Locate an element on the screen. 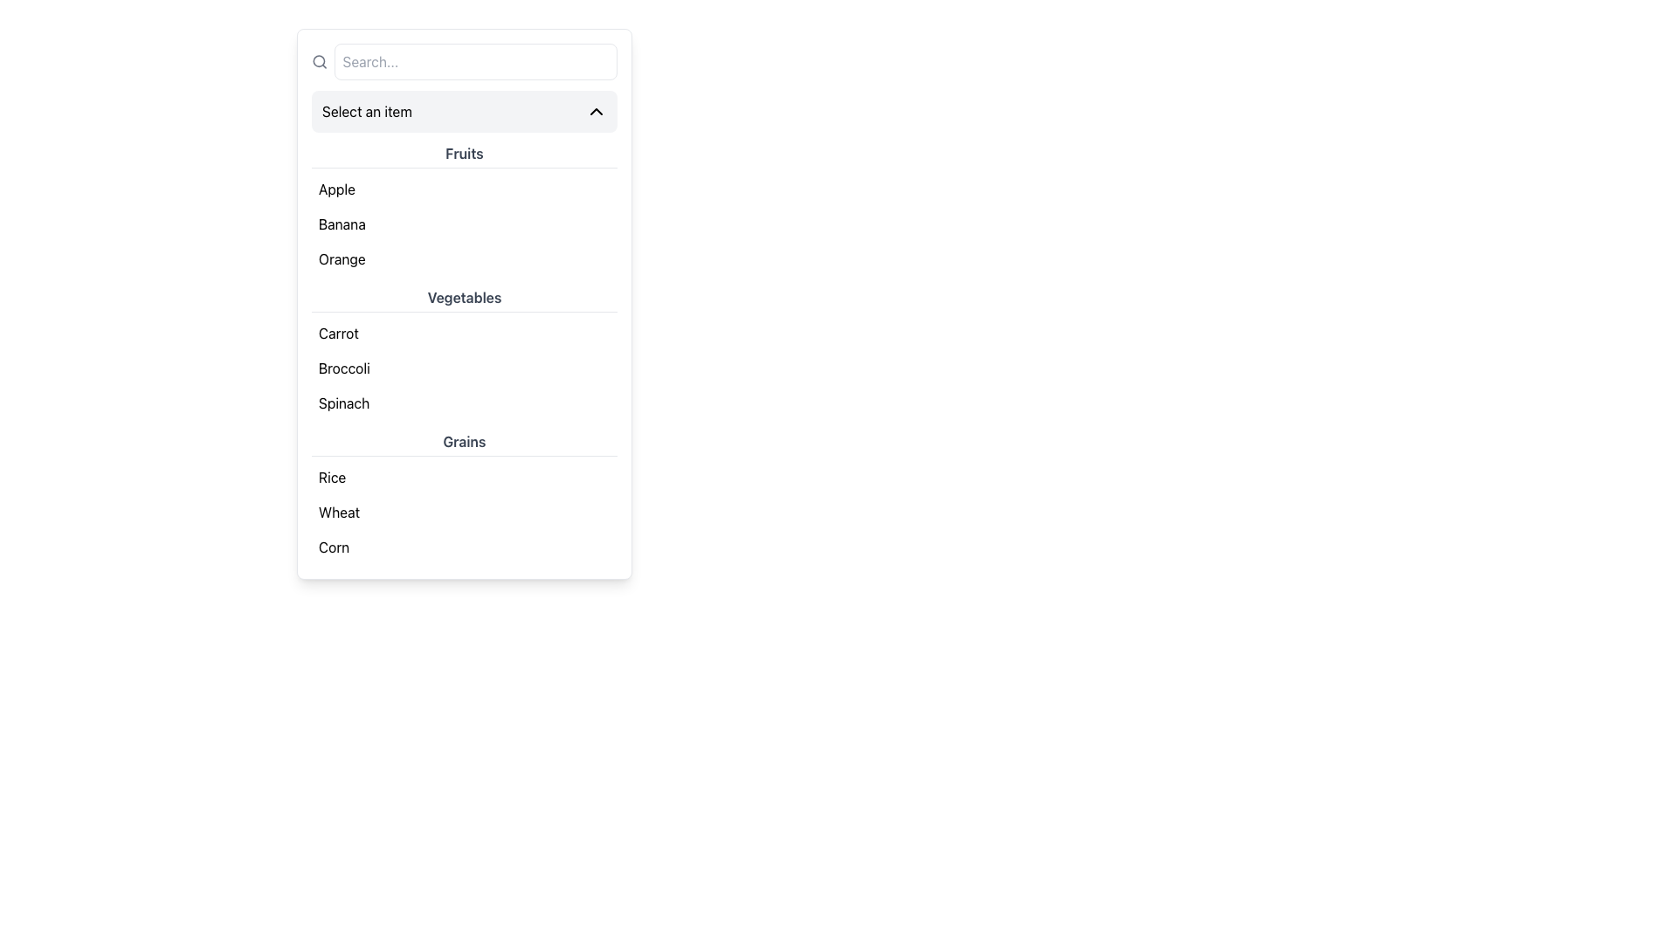 The image size is (1677, 943). the text label 'Select an item' displayed in black font on a gray background, which is part of a dropdown interface located near the top-left corner of the dropdown component is located at coordinates (366, 111).